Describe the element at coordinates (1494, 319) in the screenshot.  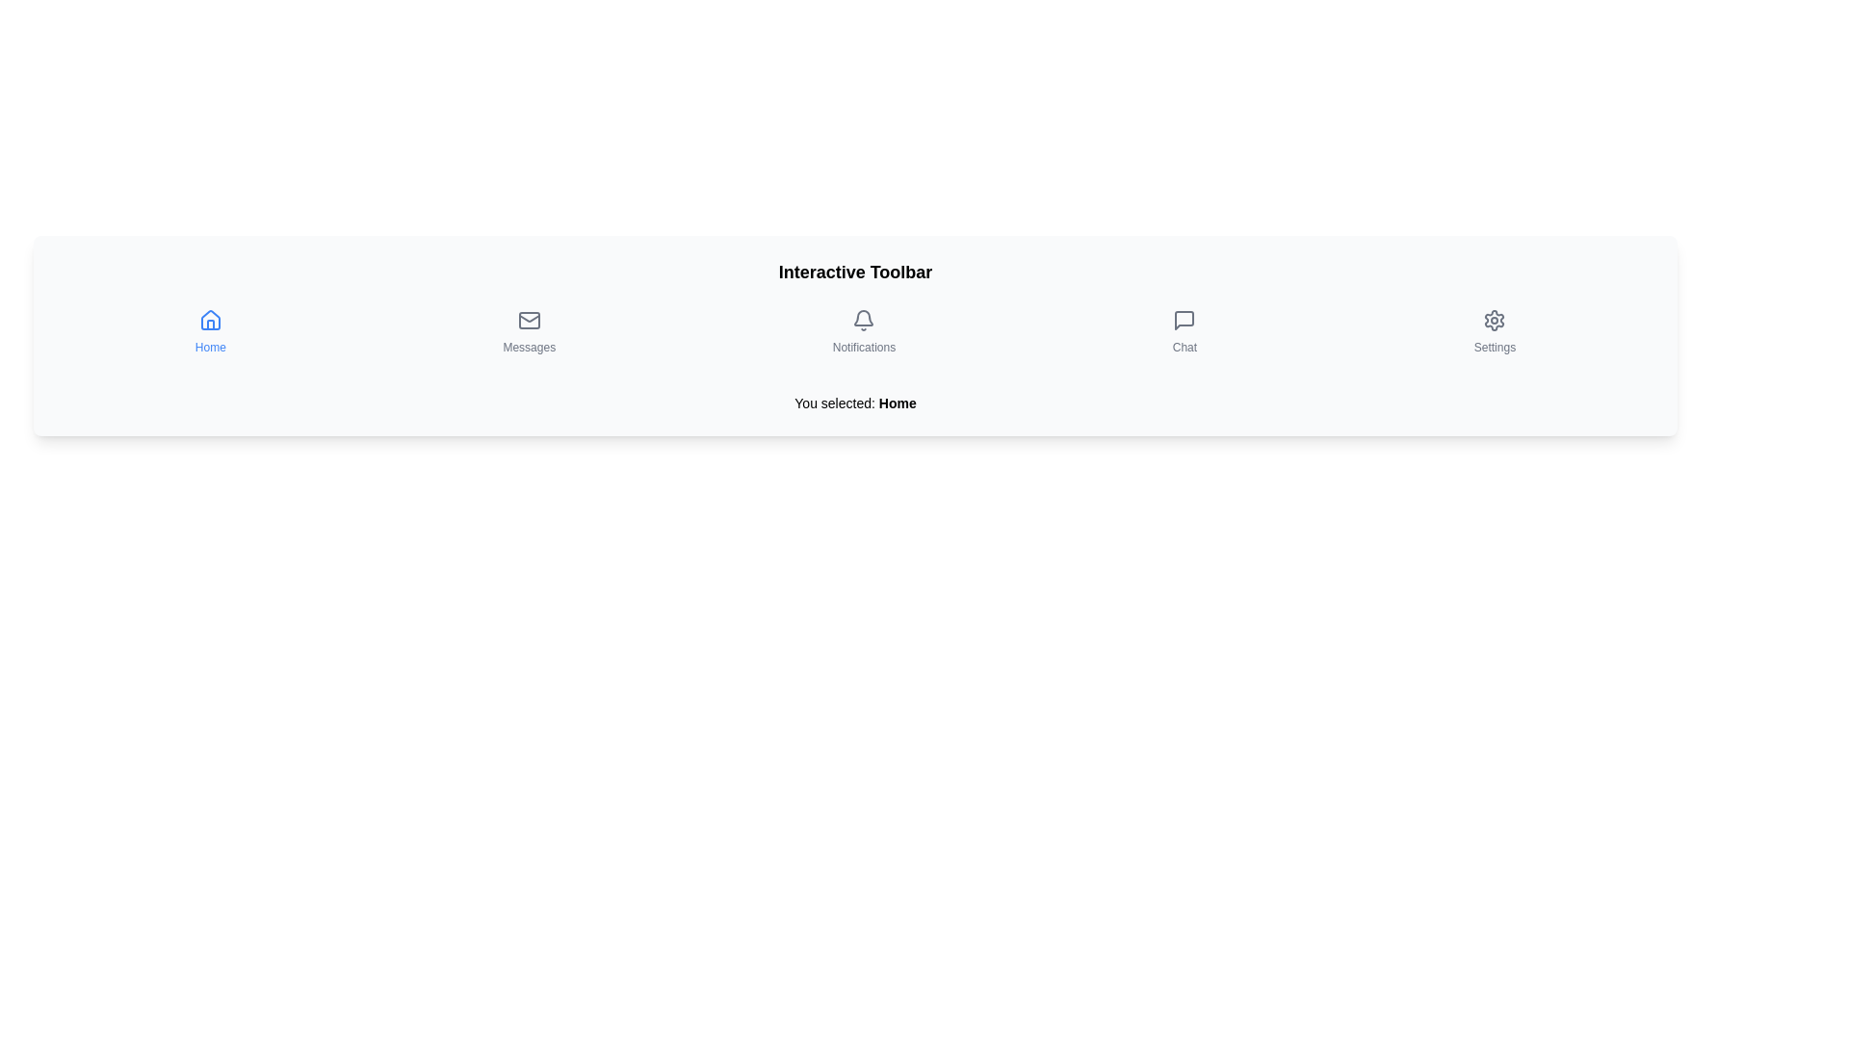
I see `the gear icon located in the 'Settings' section of the bottom navigation bar` at that location.